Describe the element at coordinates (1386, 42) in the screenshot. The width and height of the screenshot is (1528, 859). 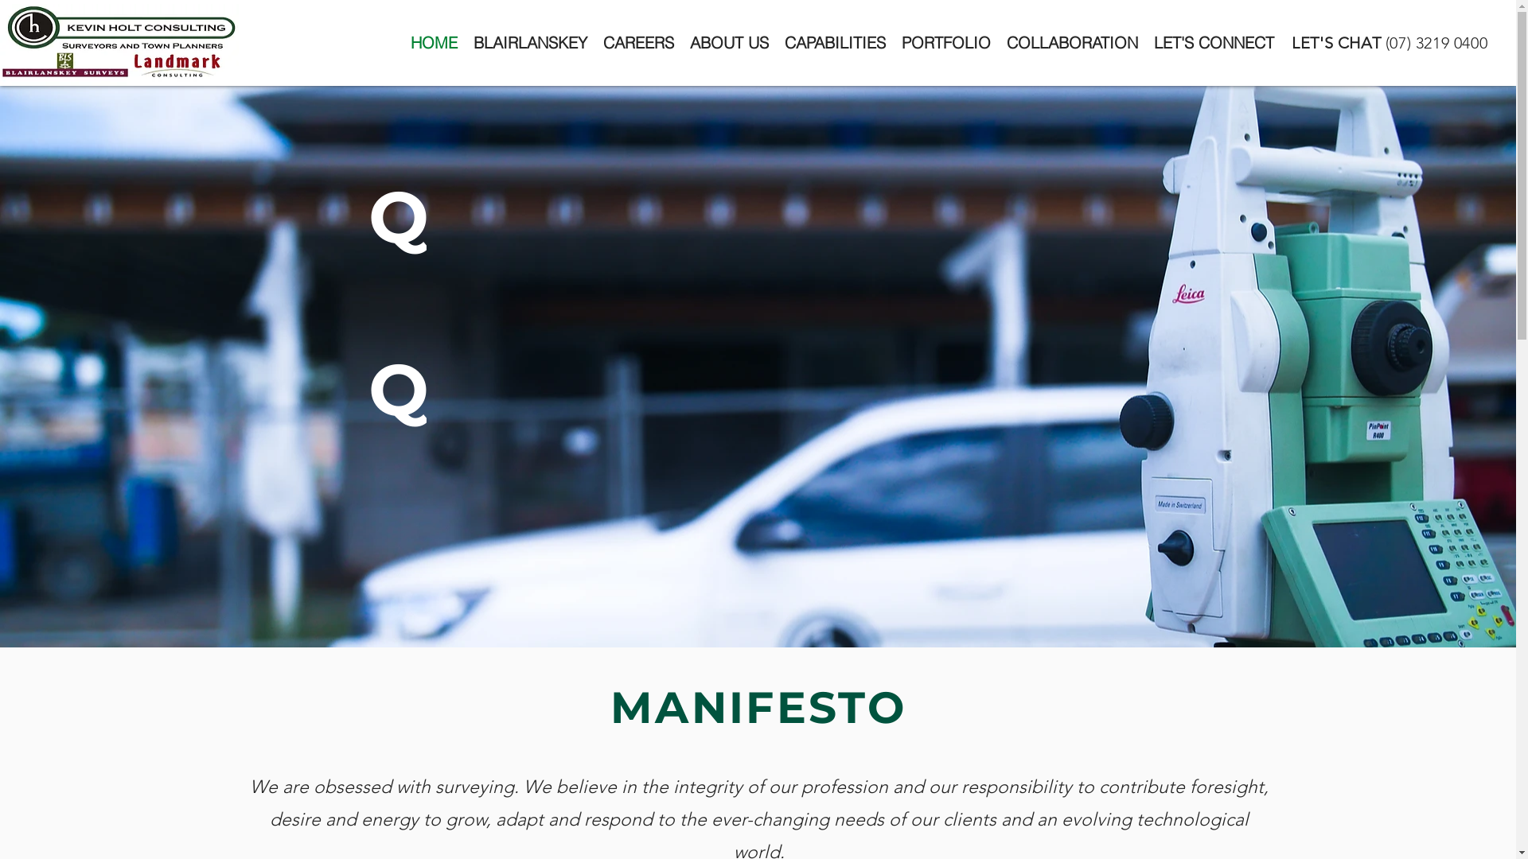
I see `' LET'S CHAT (07) 3219 0400'` at that location.